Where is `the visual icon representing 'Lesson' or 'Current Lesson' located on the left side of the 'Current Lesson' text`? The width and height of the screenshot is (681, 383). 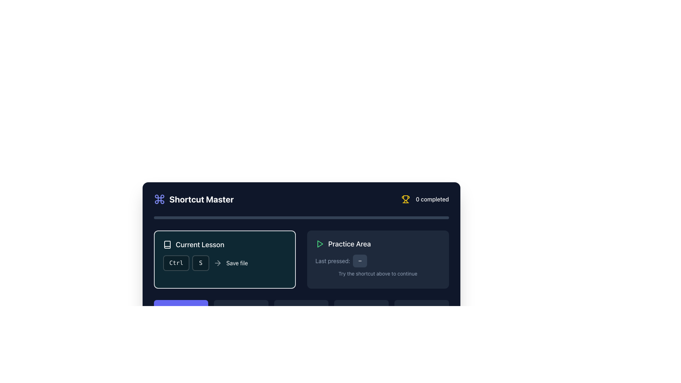 the visual icon representing 'Lesson' or 'Current Lesson' located on the left side of the 'Current Lesson' text is located at coordinates (167, 244).